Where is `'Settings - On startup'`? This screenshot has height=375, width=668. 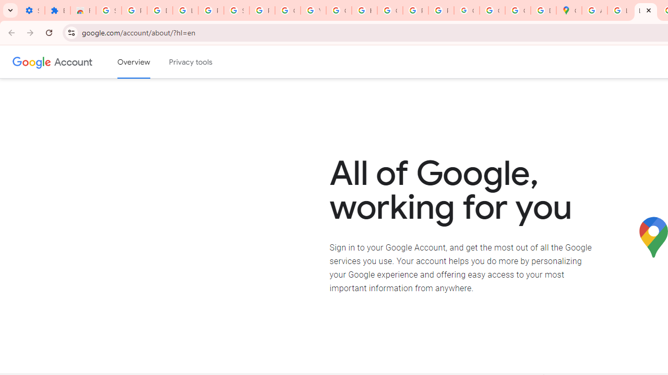 'Settings - On startup' is located at coordinates (32, 10).